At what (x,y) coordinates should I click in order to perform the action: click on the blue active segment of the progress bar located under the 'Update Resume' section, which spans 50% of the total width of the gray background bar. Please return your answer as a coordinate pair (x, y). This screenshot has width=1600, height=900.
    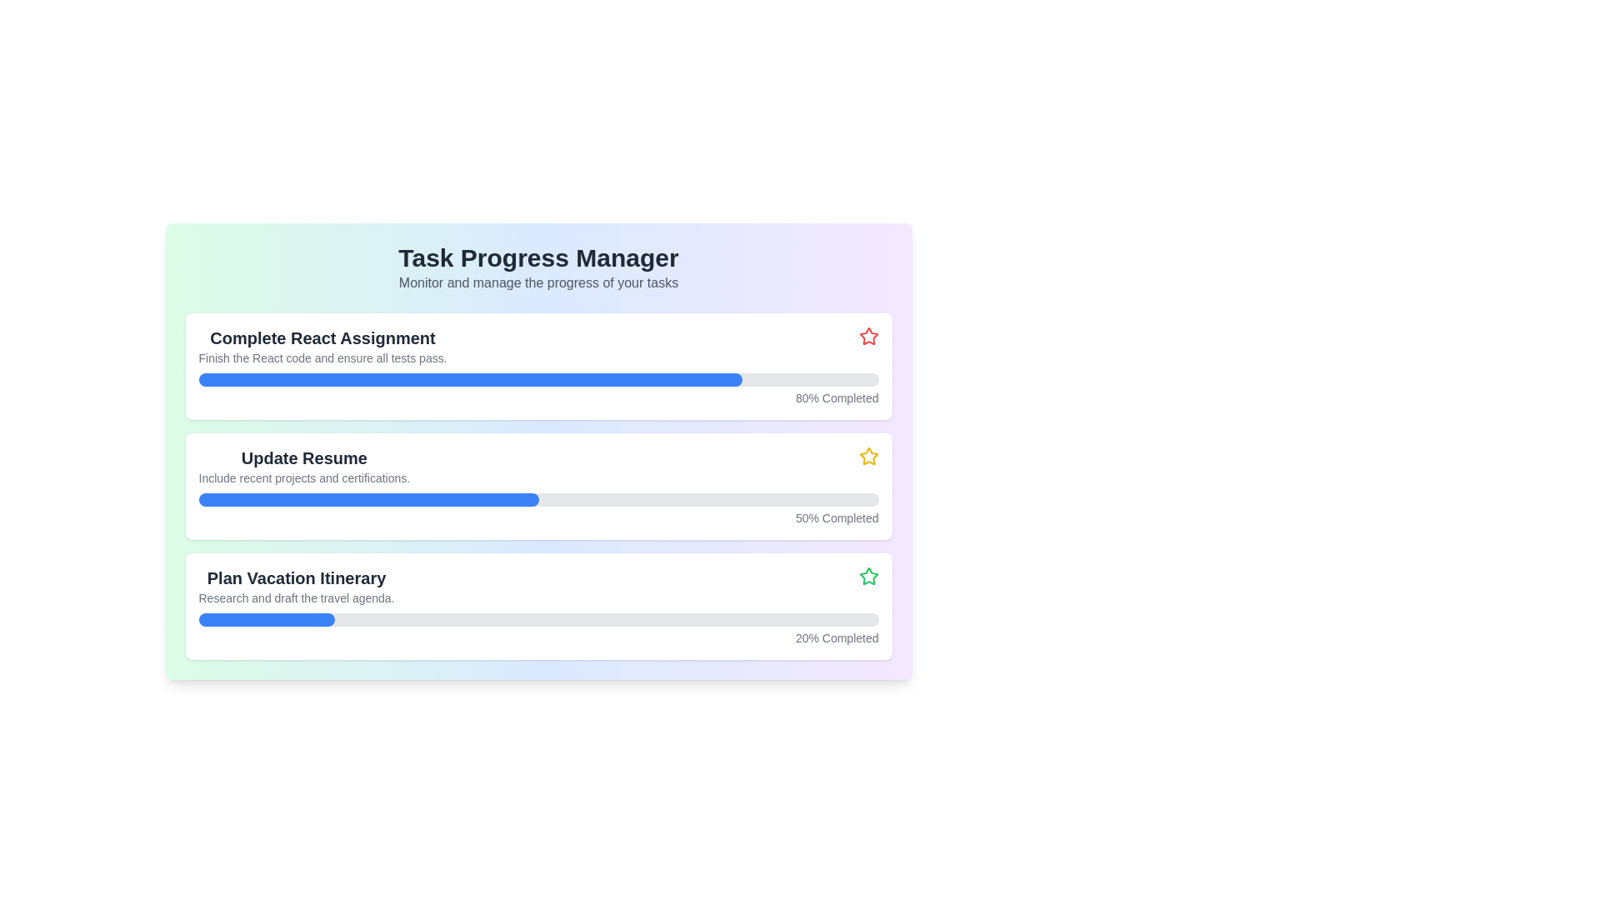
    Looking at the image, I should click on (367, 499).